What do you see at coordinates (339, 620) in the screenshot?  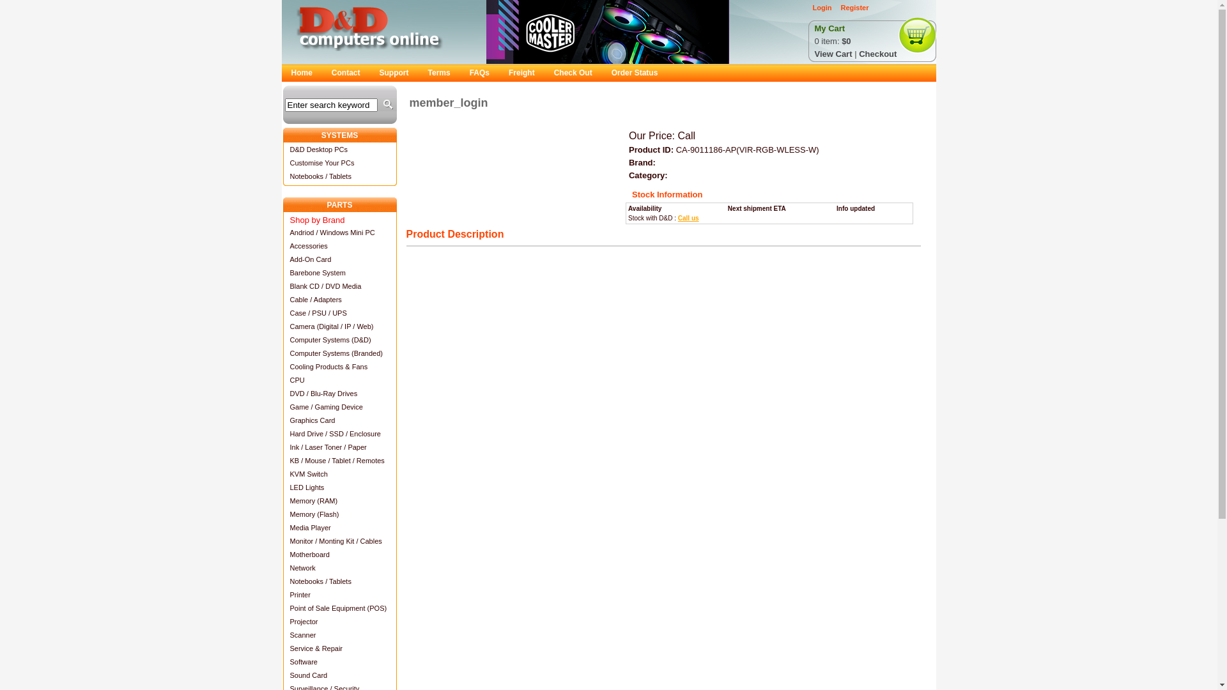 I see `'Projector'` at bounding box center [339, 620].